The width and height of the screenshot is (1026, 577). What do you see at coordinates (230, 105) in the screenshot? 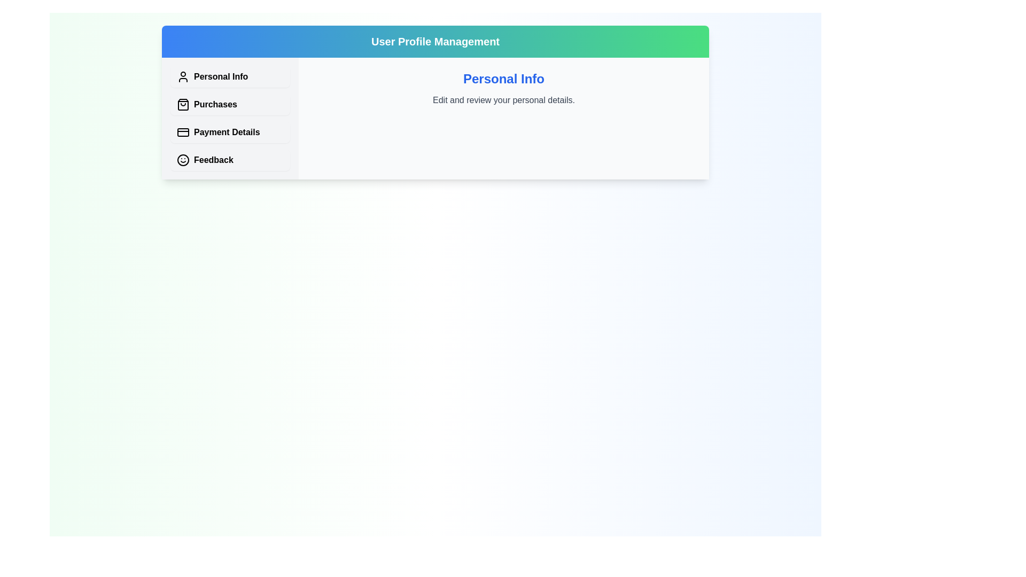
I see `the tab corresponding to Purchases to view its content` at bounding box center [230, 105].